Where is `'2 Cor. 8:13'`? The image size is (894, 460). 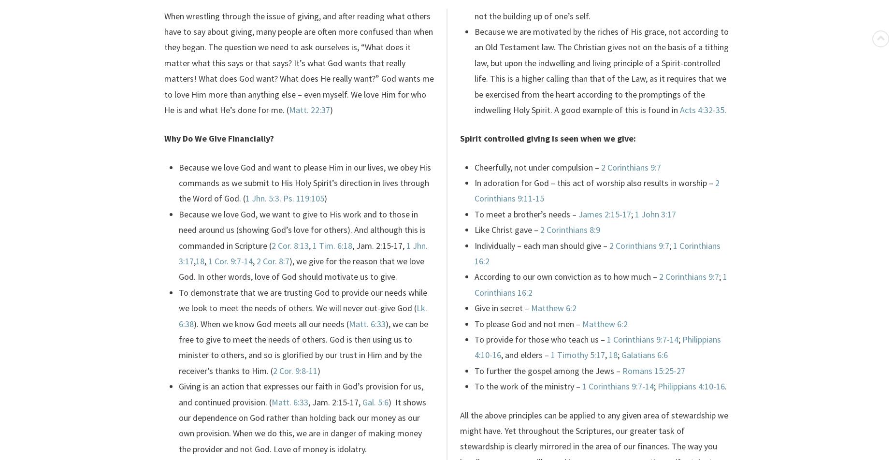
'2 Cor. 8:13' is located at coordinates (289, 245).